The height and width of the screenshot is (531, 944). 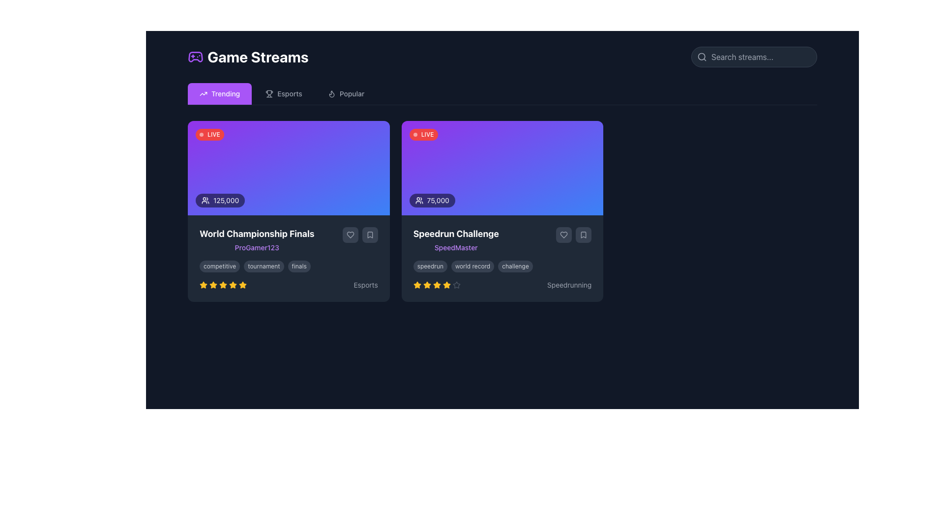 What do you see at coordinates (352, 94) in the screenshot?
I see `the text label reading 'Popular' located in the navigation area` at bounding box center [352, 94].